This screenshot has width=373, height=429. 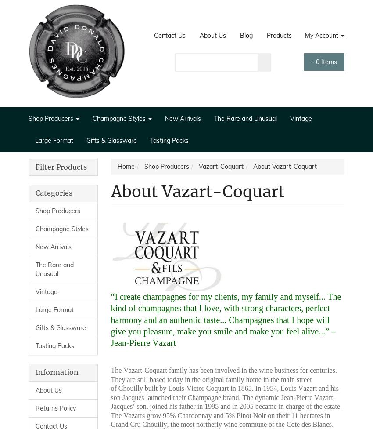 I want to click on '-', so click(x=310, y=61).